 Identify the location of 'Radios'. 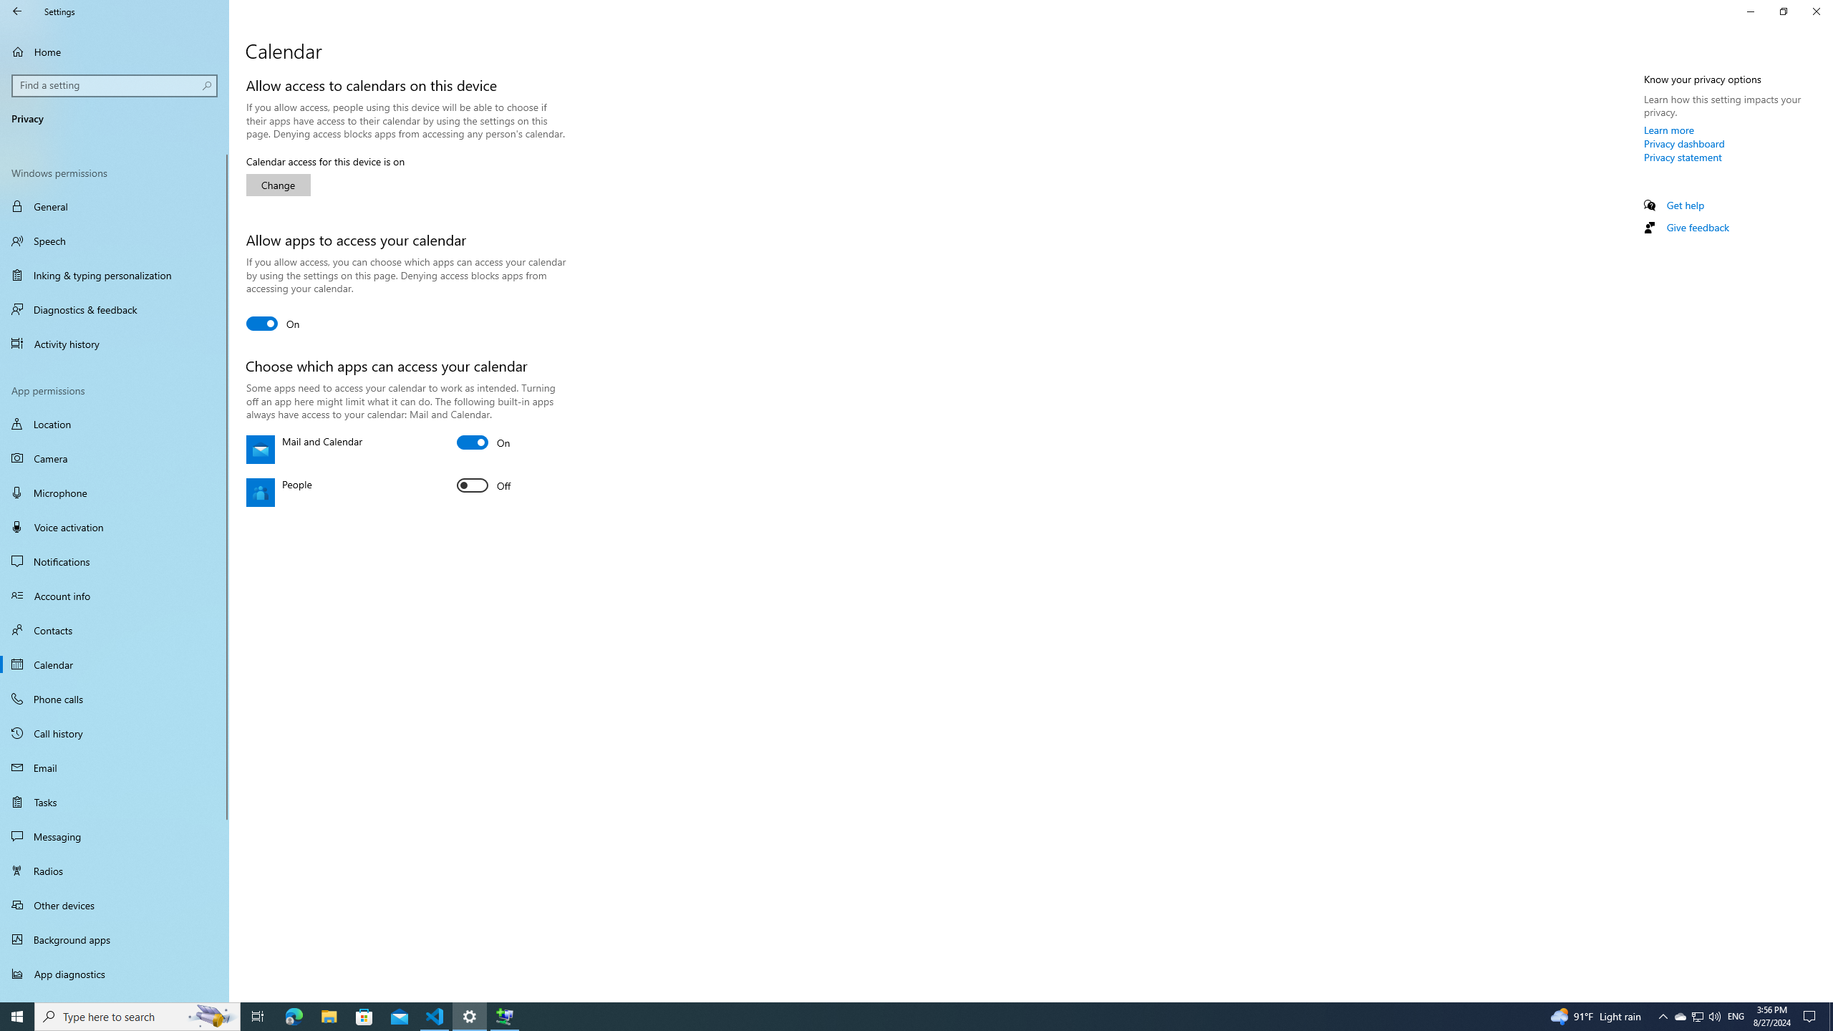
(114, 870).